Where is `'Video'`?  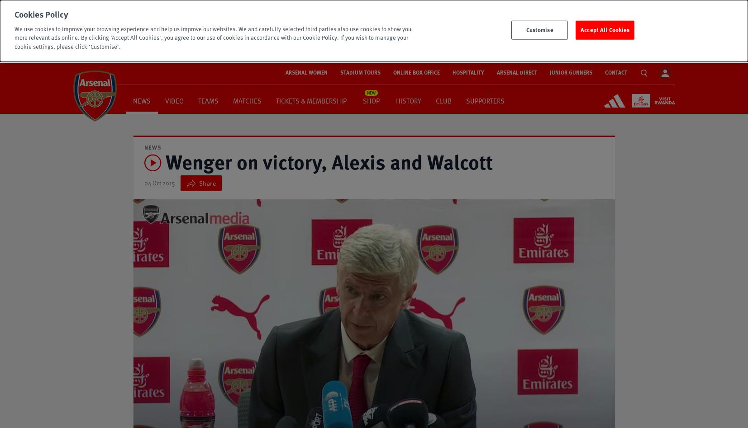 'Video' is located at coordinates (173, 100).